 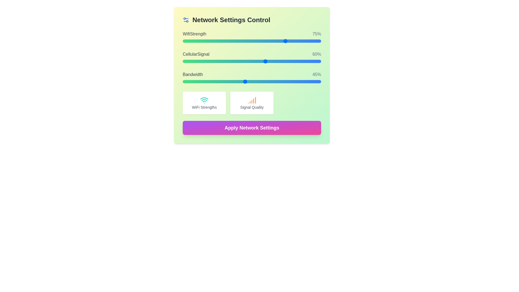 I want to click on the Cellular Signal slider, so click(x=210, y=61).